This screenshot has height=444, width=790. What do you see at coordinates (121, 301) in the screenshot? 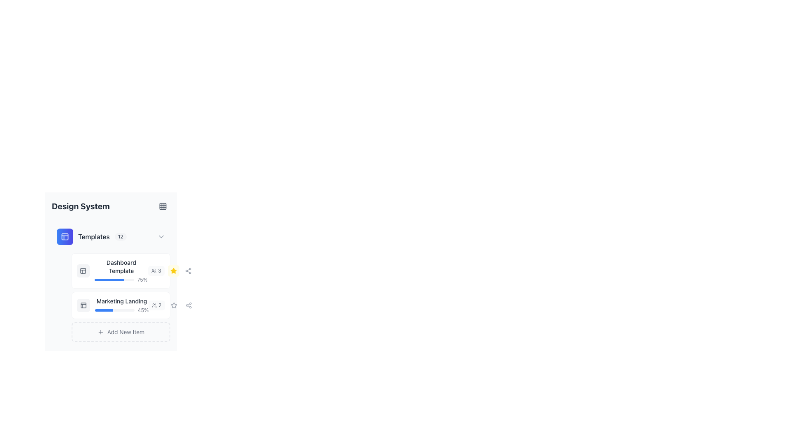
I see `text label displaying 'Marketing Landing' located in the 'Templates' section of the interface to identify the template` at bounding box center [121, 301].